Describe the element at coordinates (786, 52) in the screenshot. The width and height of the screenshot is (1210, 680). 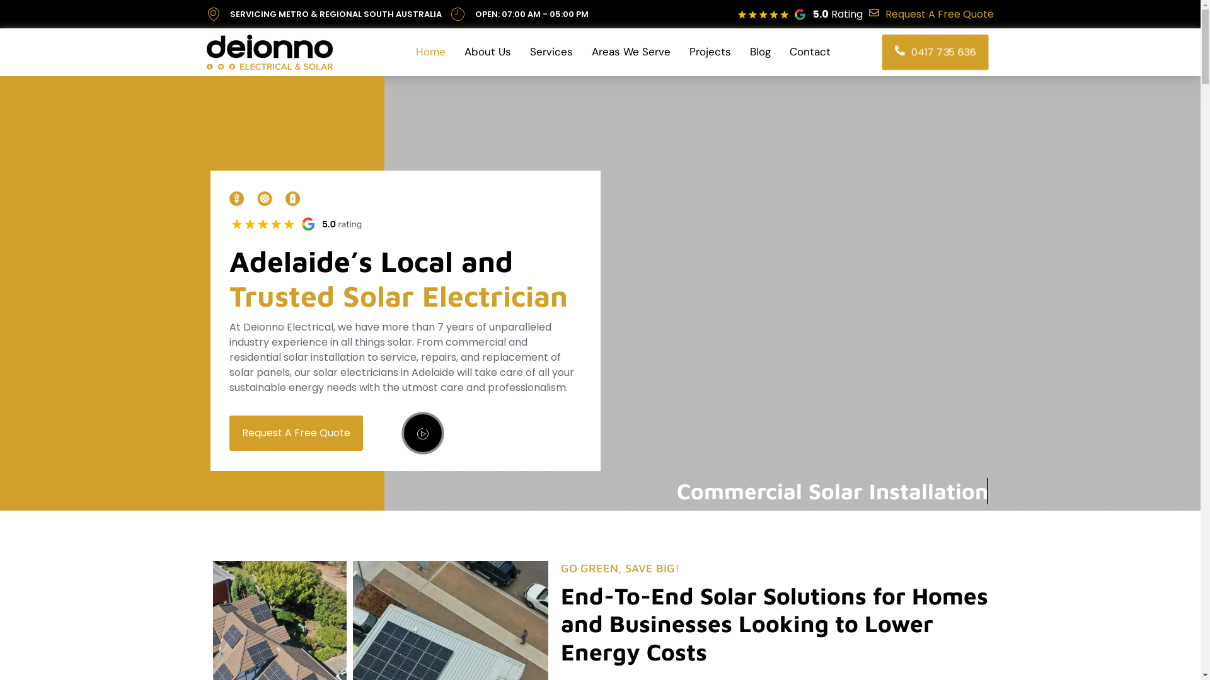
I see `'Contact'` at that location.